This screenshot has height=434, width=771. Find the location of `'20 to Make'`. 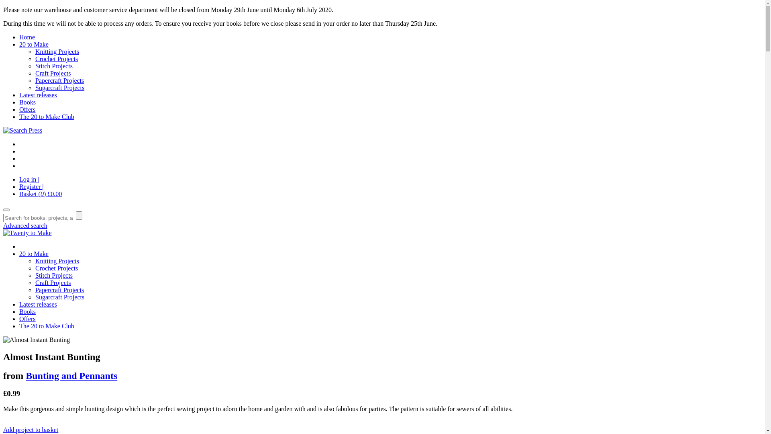

'20 to Make' is located at coordinates (33, 254).